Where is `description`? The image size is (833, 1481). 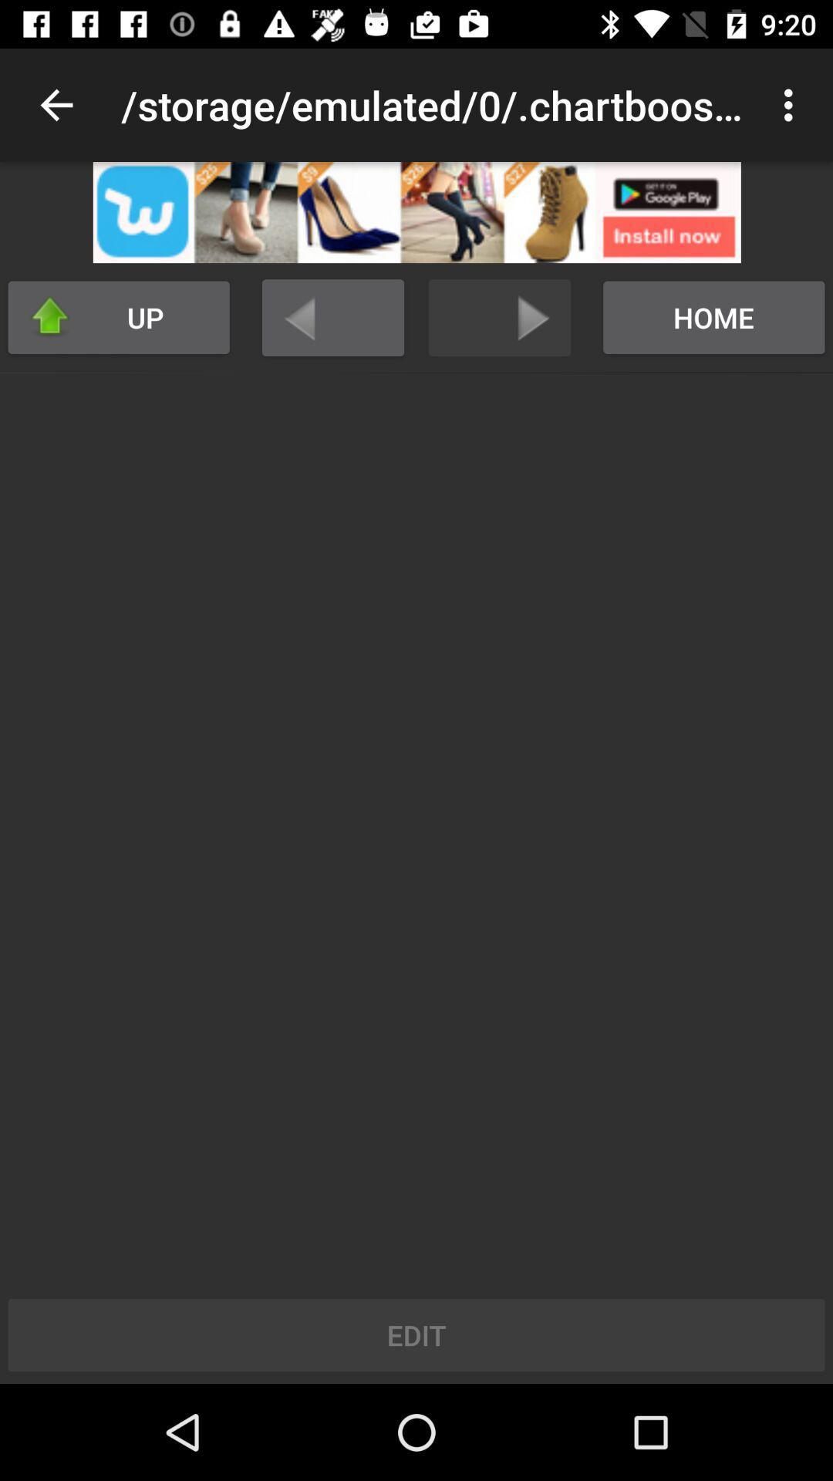
description is located at coordinates (416, 211).